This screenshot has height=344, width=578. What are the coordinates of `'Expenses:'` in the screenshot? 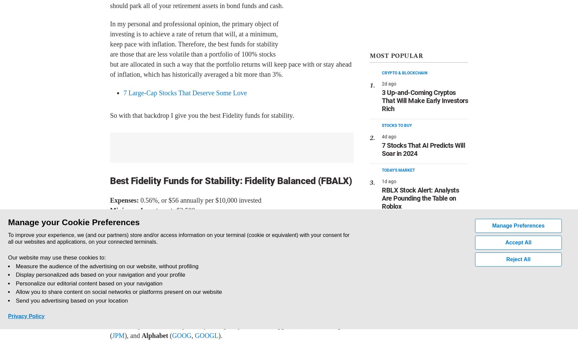 It's located at (124, 200).